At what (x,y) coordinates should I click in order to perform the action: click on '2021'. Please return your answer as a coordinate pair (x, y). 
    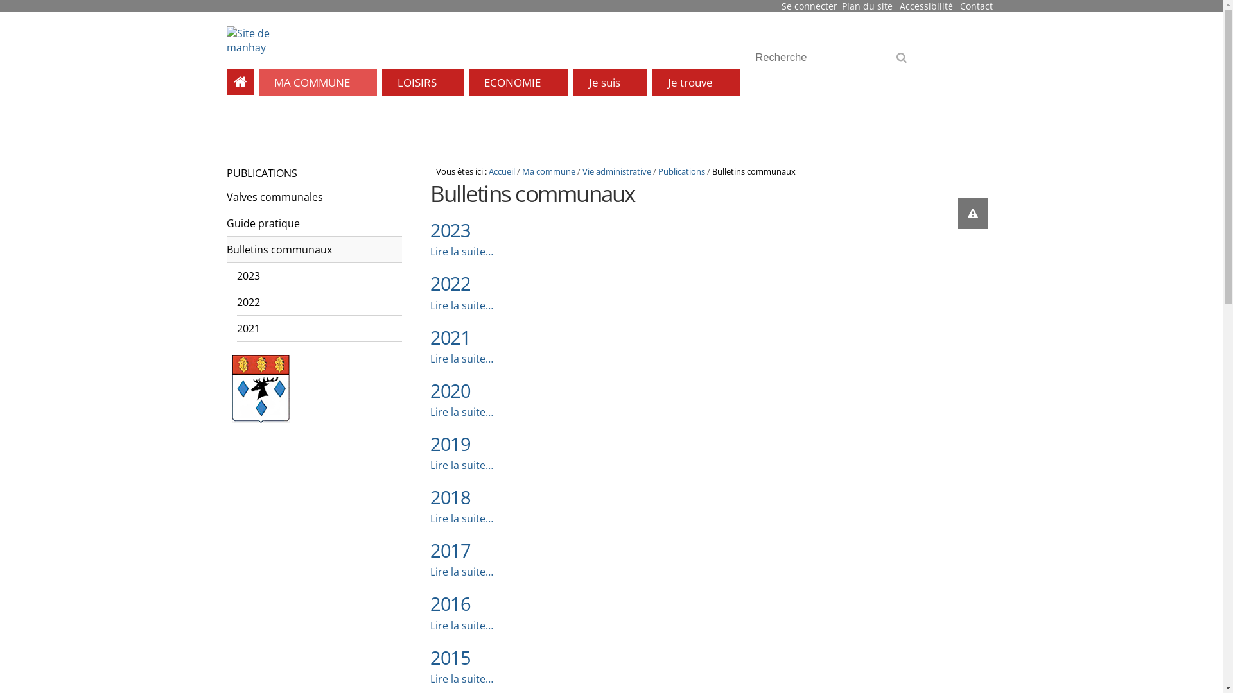
    Looking at the image, I should click on (450, 336).